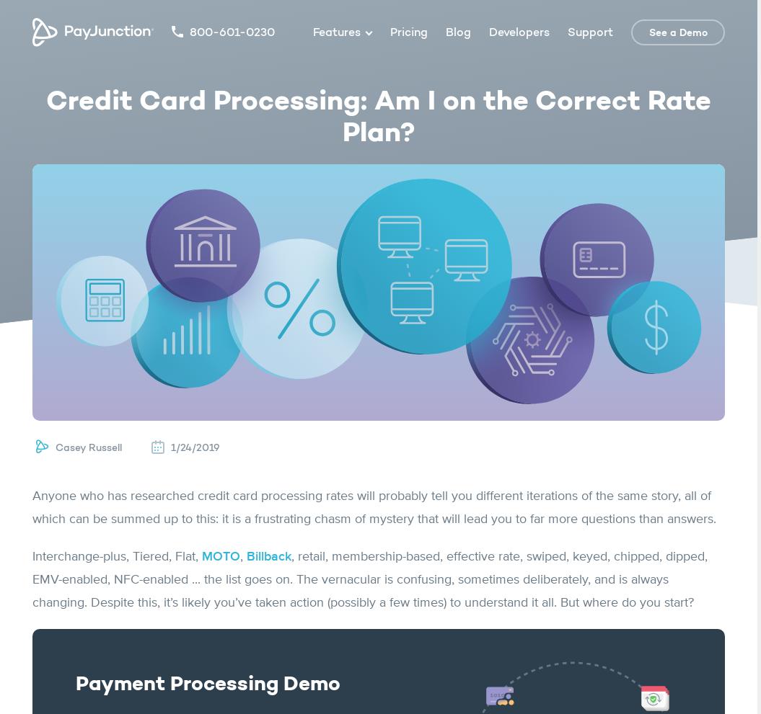 The width and height of the screenshot is (761, 714). What do you see at coordinates (55, 447) in the screenshot?
I see `'Casey Russell'` at bounding box center [55, 447].